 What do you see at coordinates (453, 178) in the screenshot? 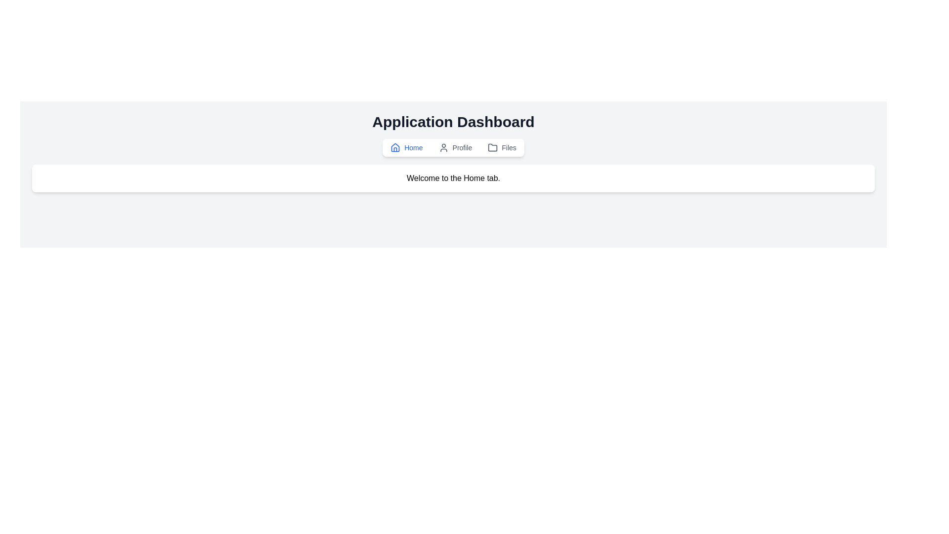
I see `the static text label displaying 'Welcome to the Home tab.' which is centrally positioned below the navigation bar` at bounding box center [453, 178].